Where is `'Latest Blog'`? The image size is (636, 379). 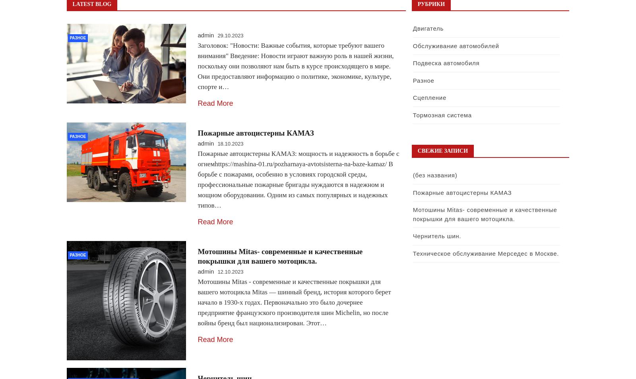
'Latest Blog' is located at coordinates (72, 4).